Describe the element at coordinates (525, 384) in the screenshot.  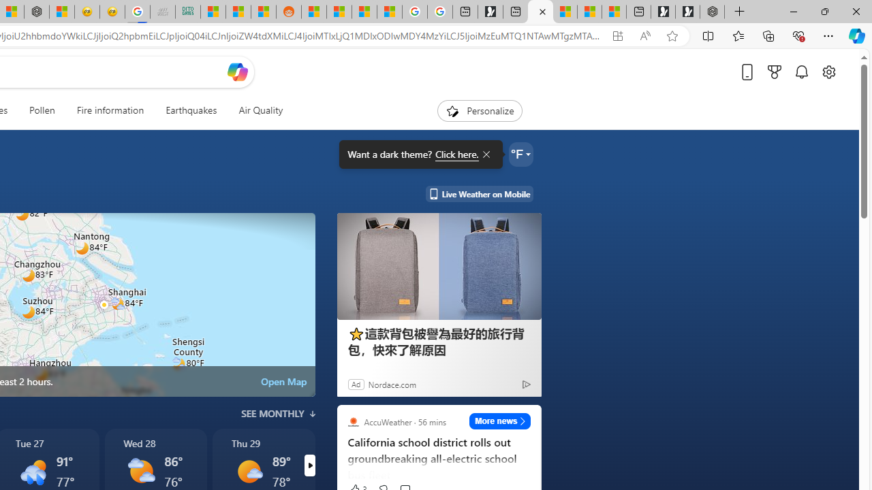
I see `'Ad Choice'` at that location.